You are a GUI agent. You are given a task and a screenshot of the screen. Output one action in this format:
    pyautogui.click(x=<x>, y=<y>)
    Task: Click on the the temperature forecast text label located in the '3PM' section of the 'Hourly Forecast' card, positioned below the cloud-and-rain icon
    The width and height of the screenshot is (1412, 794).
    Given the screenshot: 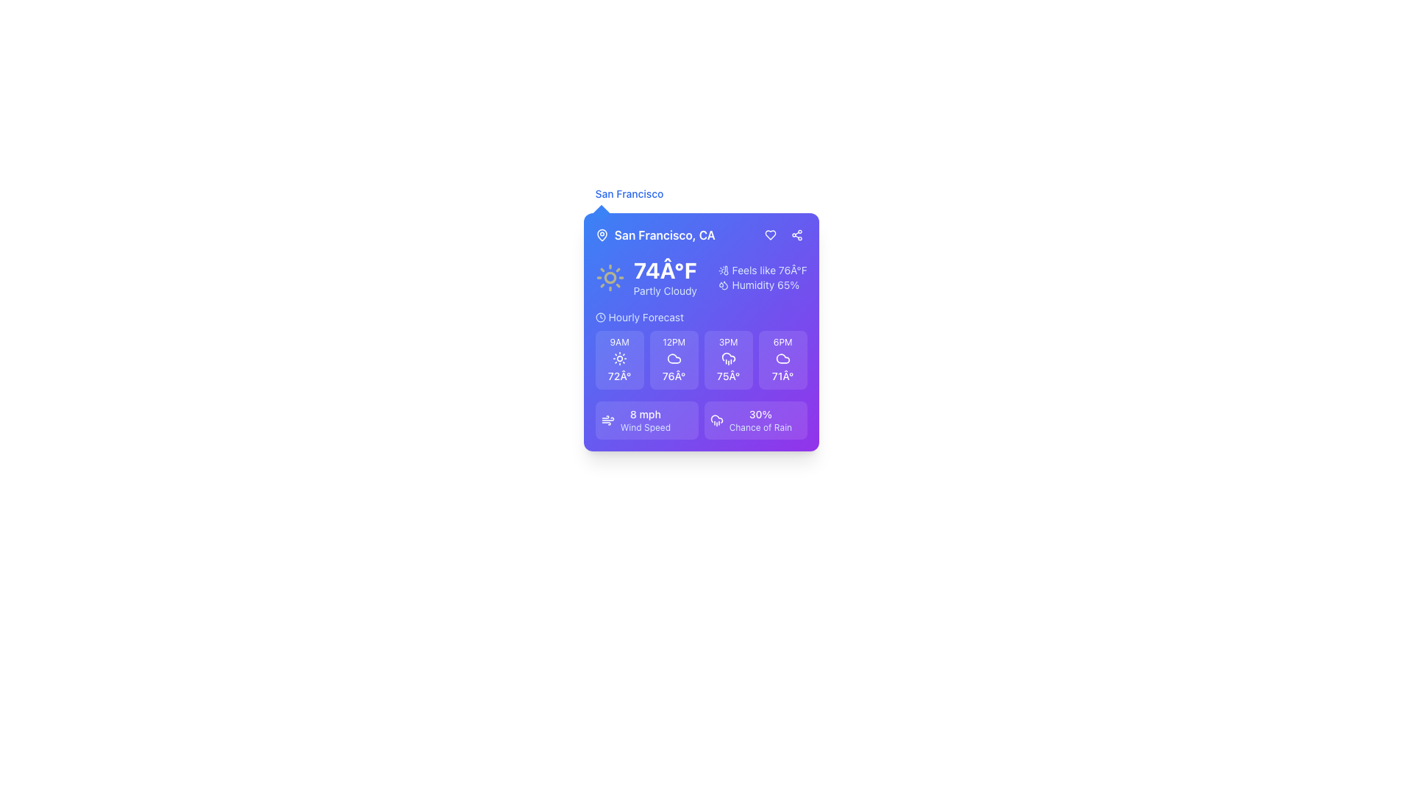 What is the action you would take?
    pyautogui.click(x=728, y=376)
    